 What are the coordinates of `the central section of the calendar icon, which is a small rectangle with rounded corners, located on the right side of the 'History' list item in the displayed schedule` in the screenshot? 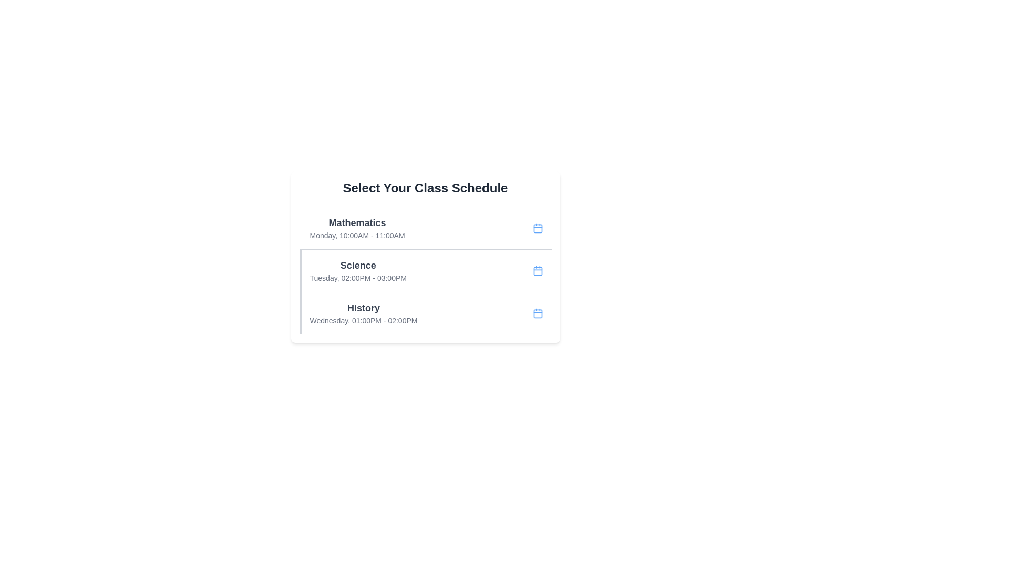 It's located at (538, 313).